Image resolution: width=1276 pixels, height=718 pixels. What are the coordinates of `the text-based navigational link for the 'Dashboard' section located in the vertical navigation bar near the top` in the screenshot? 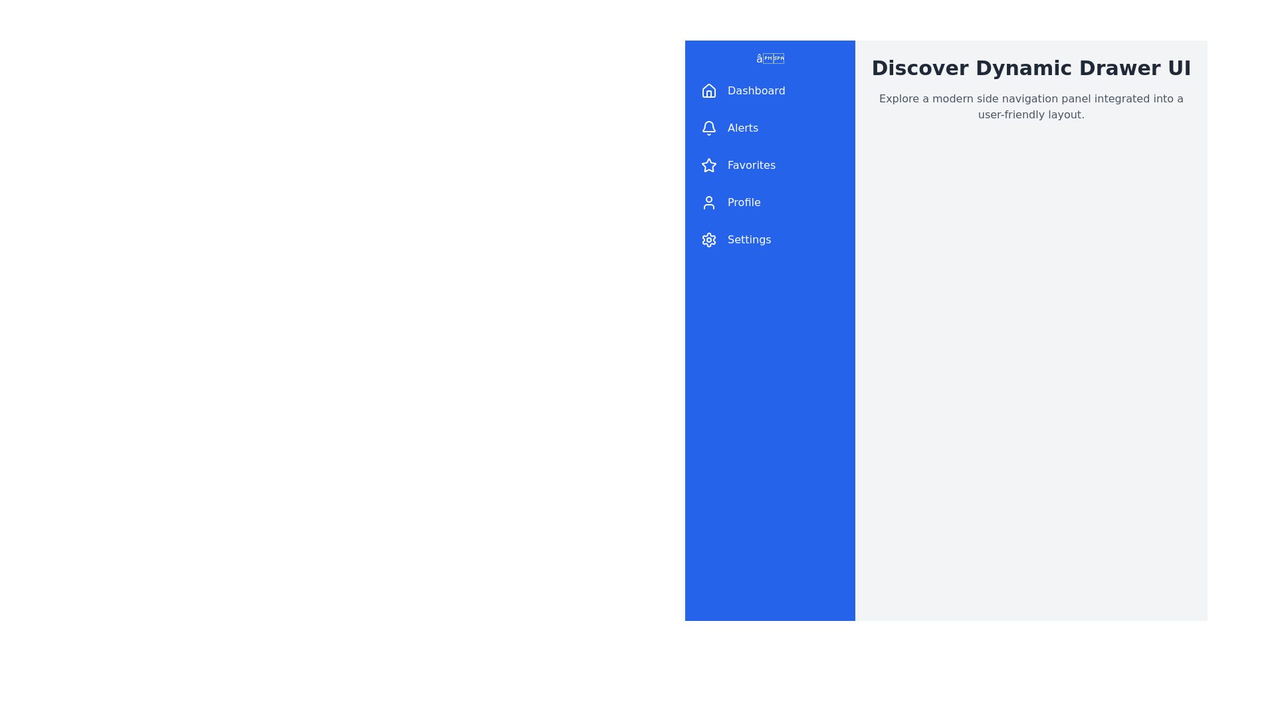 It's located at (756, 90).